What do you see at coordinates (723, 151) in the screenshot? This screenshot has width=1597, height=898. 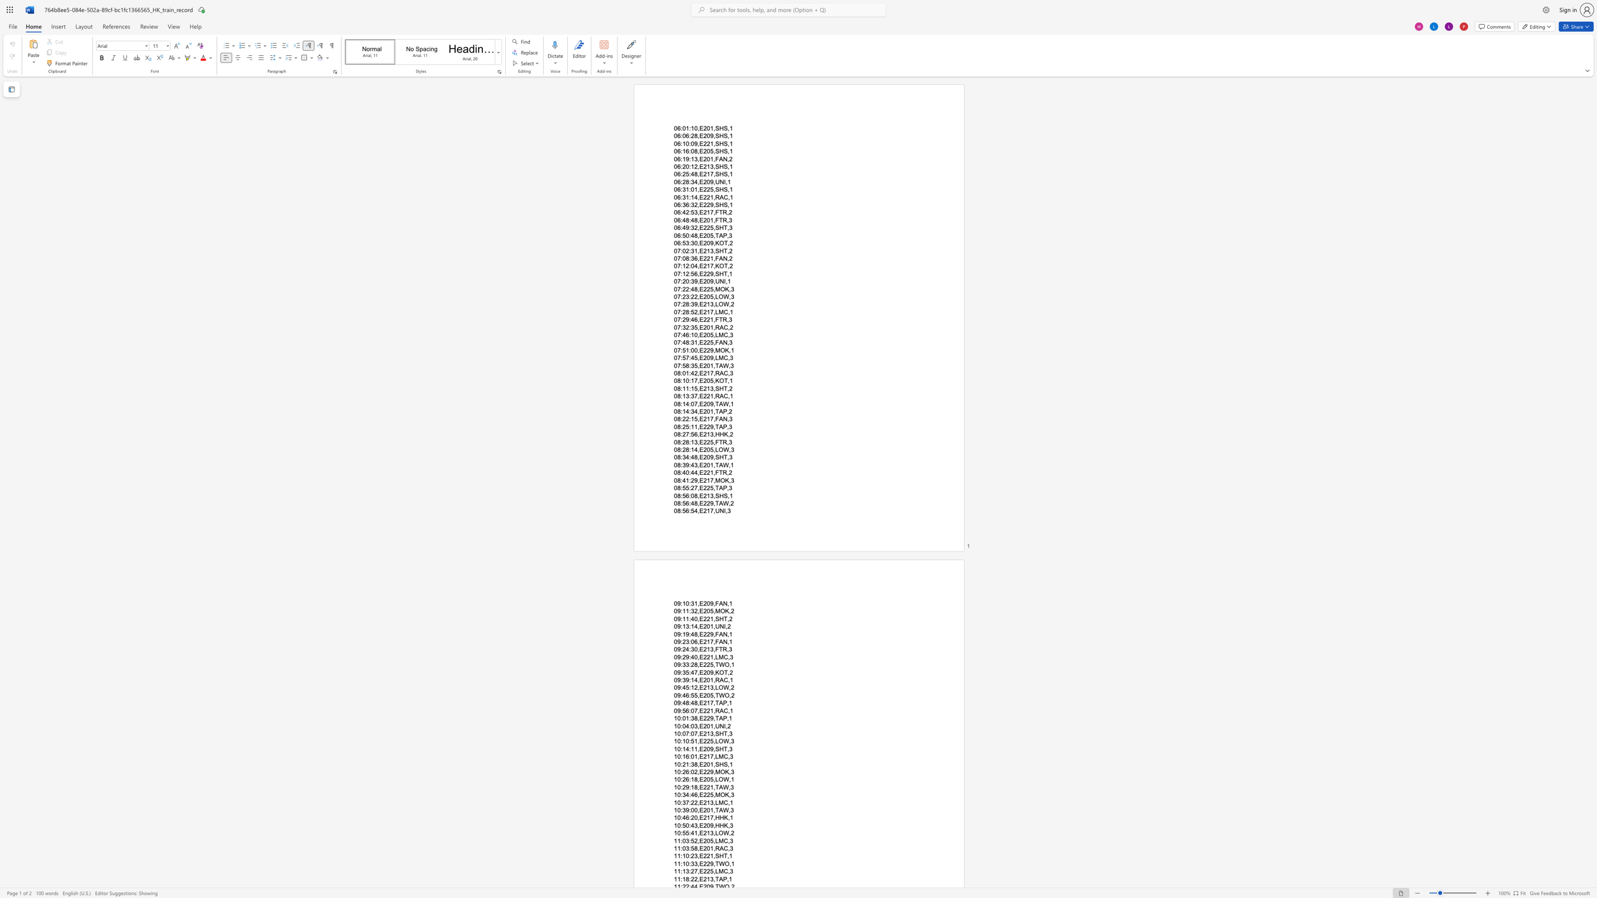 I see `the subset text "S," within the text "06:16:08,E205,SHS,1"` at bounding box center [723, 151].